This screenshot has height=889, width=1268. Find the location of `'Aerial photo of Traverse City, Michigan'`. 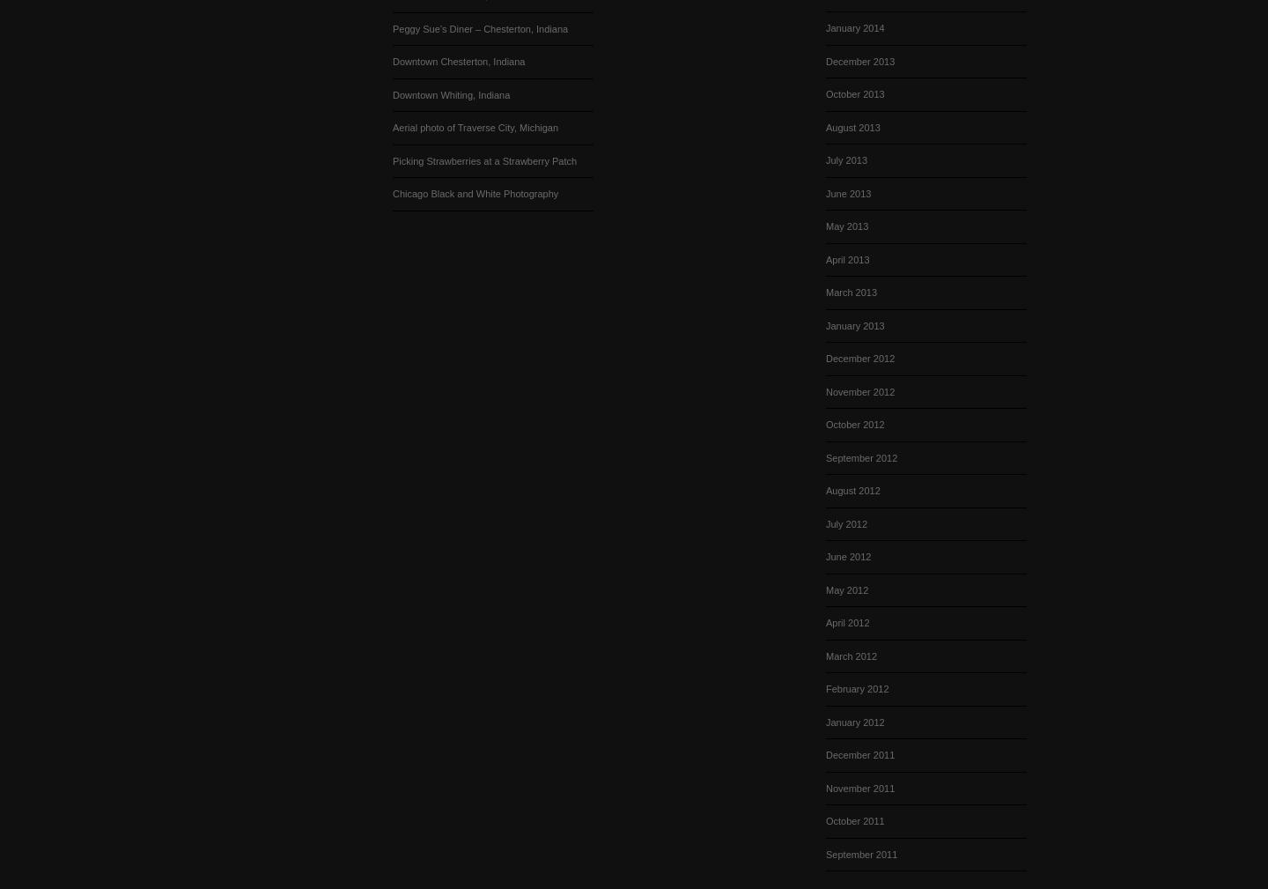

'Aerial photo of Traverse City, Michigan' is located at coordinates (475, 126).